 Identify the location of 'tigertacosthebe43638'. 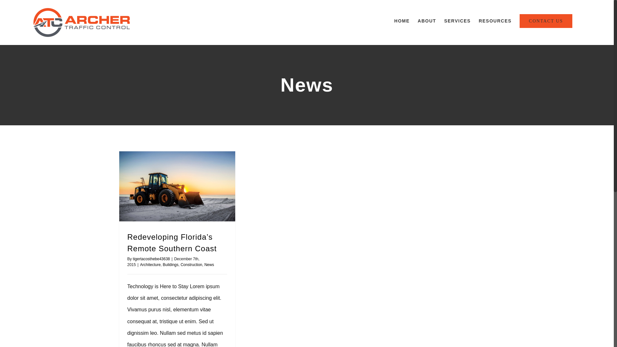
(132, 259).